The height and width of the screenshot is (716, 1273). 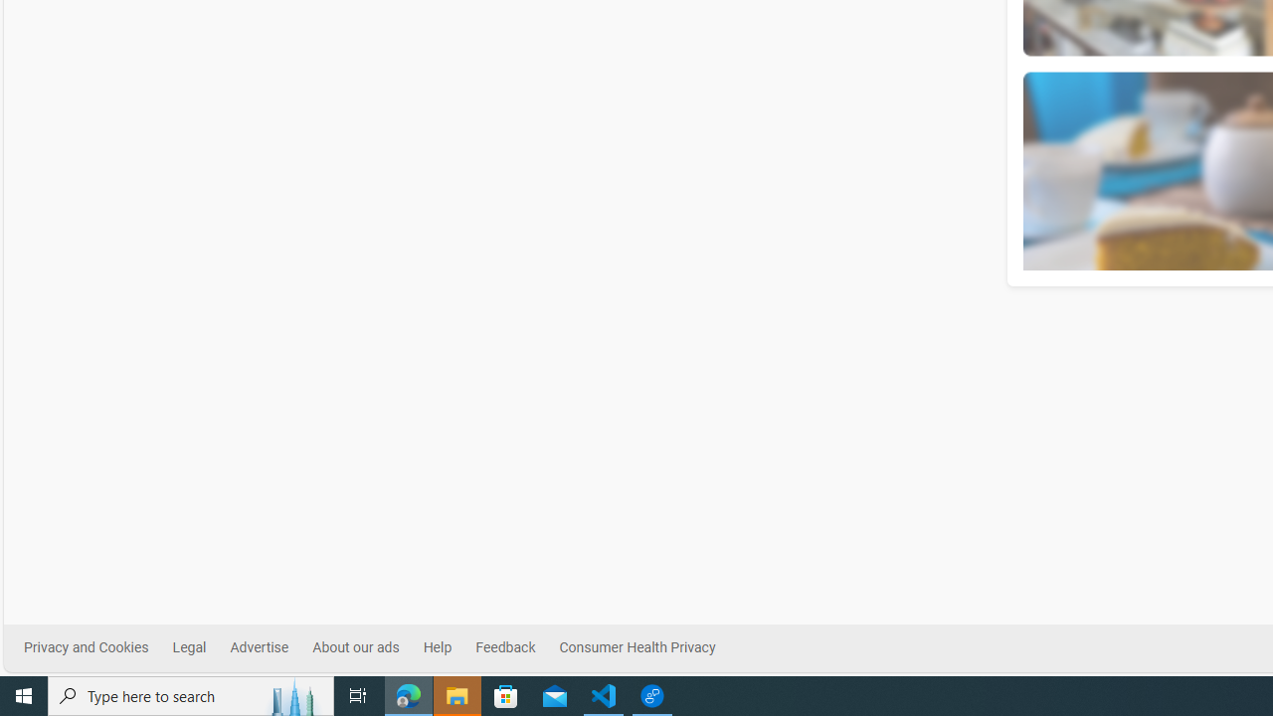 What do you see at coordinates (436, 647) in the screenshot?
I see `'Help'` at bounding box center [436, 647].